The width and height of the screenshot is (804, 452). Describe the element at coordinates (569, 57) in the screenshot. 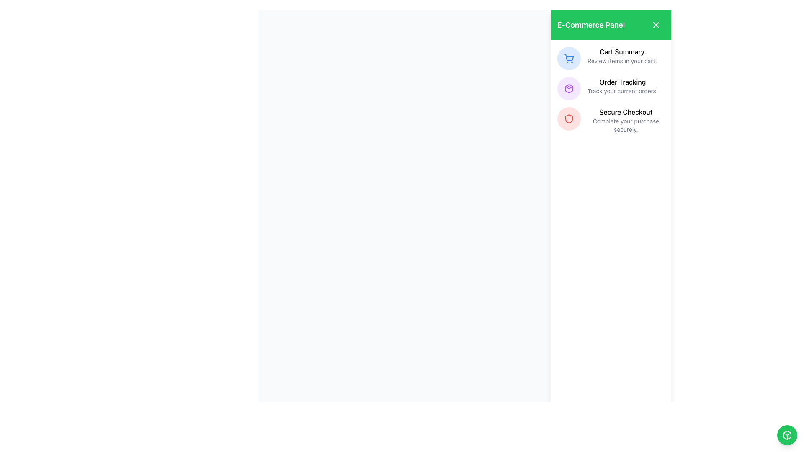

I see `the shopping cart icon located in the 'Cart Summary' section under the 'E-Commerce Panel' using keyboard navigation` at that location.